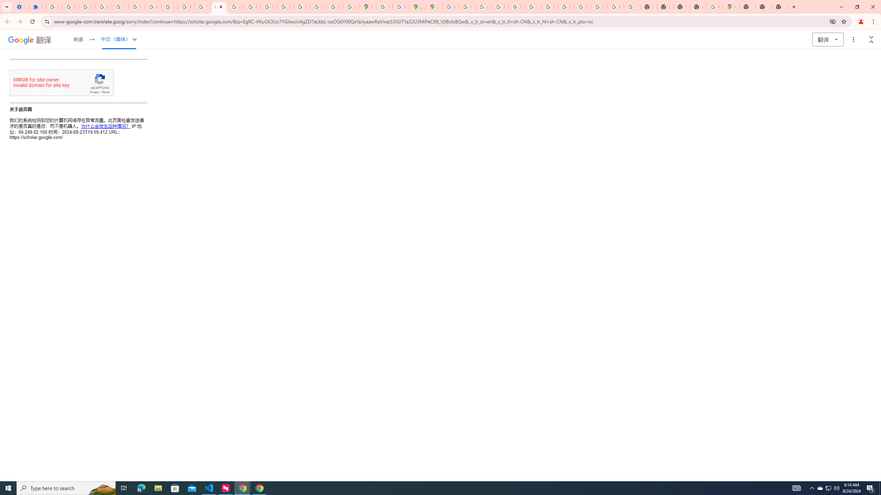 The image size is (881, 495). I want to click on 'Use Google Maps in Space - Google Maps Help', so click(714, 7).